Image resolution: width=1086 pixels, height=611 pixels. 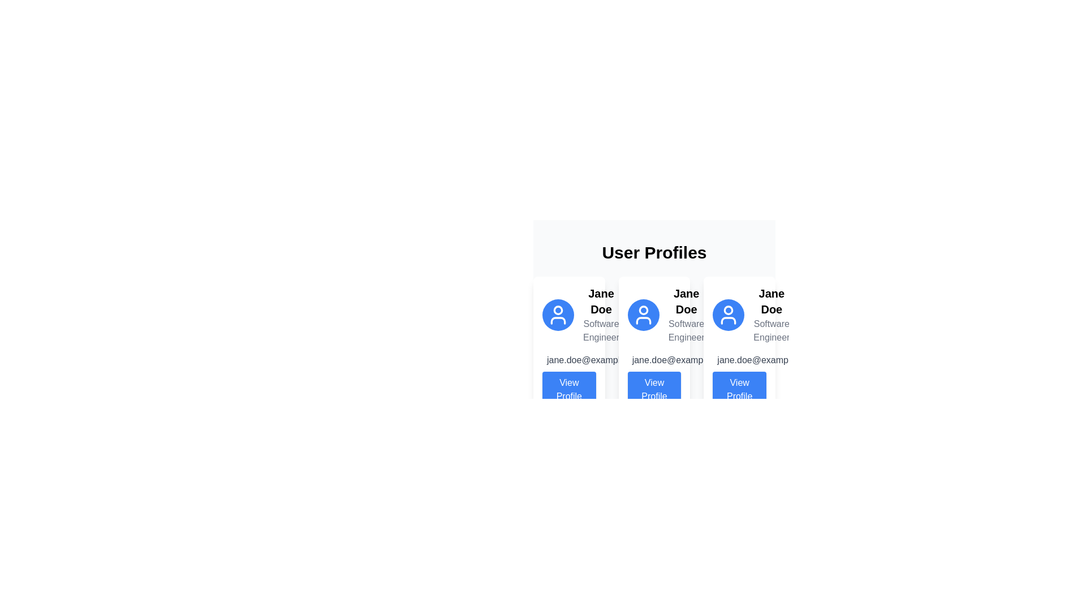 What do you see at coordinates (601, 315) in the screenshot?
I see `properties of the Text element that displays the user's name and role, located in the first profile card under the avatar icon` at bounding box center [601, 315].